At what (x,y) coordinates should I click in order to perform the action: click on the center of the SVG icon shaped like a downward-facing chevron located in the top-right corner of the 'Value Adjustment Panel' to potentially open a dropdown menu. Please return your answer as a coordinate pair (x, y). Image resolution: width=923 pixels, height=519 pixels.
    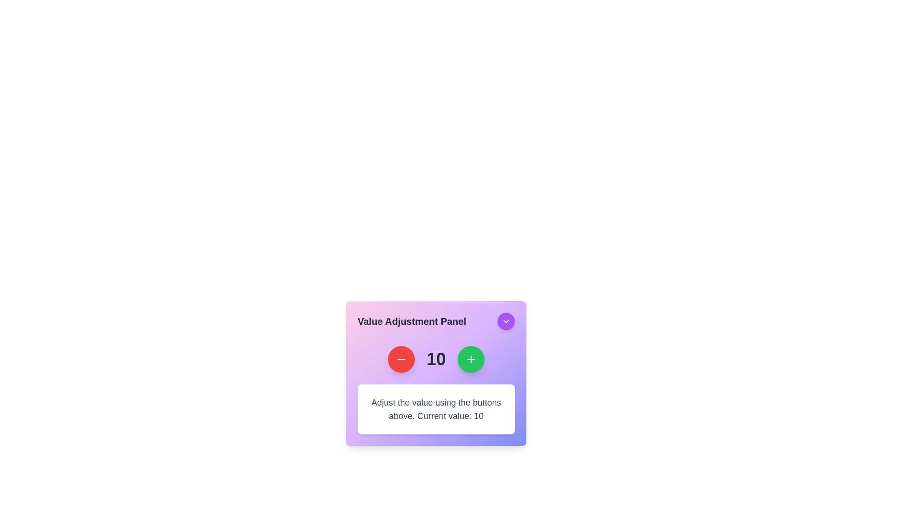
    Looking at the image, I should click on (505, 321).